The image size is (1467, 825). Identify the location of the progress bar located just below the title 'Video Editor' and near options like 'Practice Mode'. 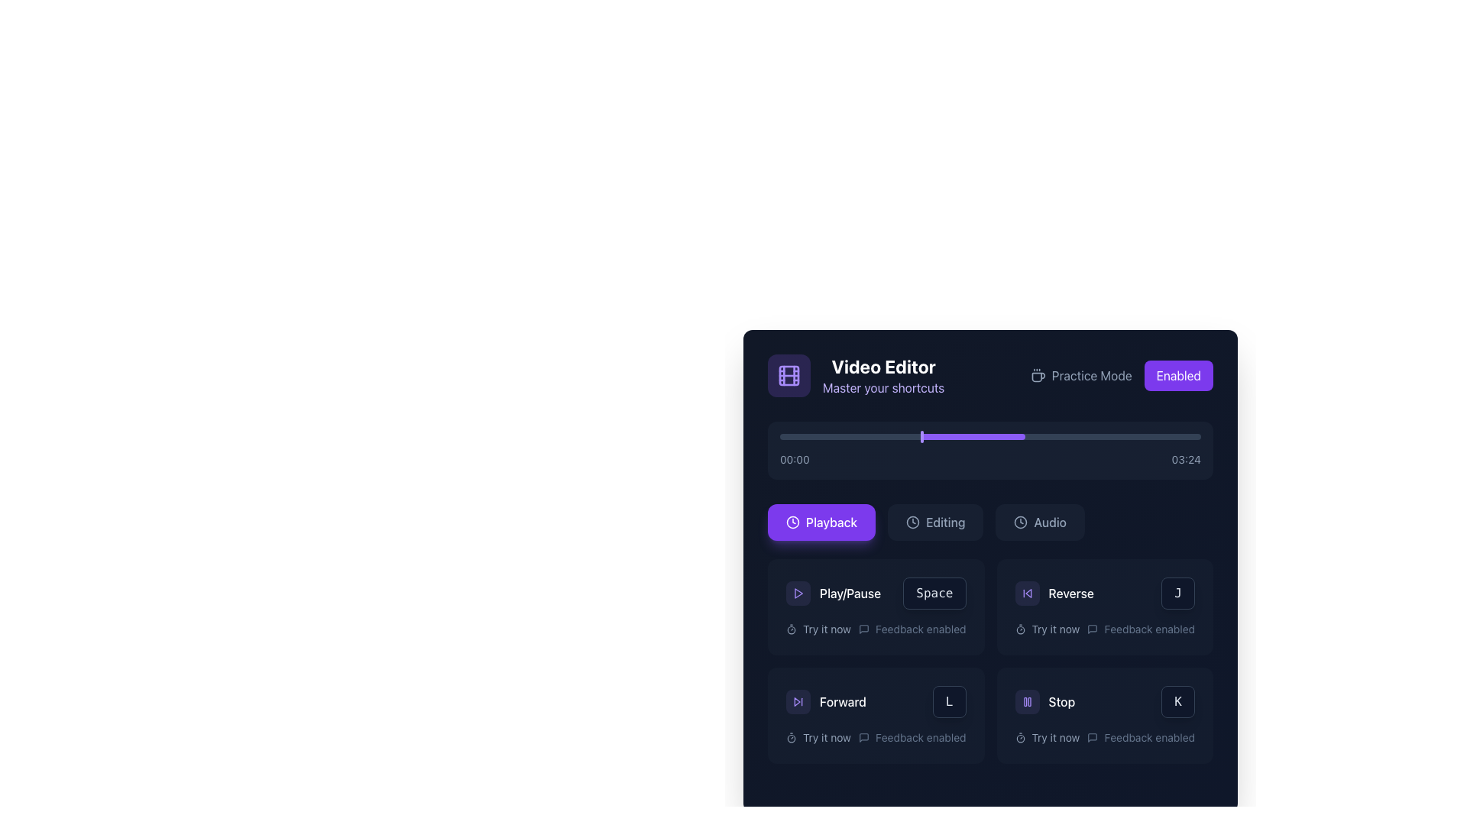
(990, 436).